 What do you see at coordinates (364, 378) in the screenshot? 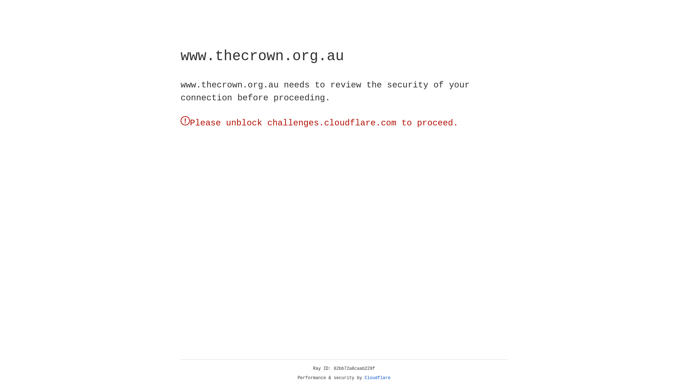
I see `'Cloudflare'` at bounding box center [364, 378].